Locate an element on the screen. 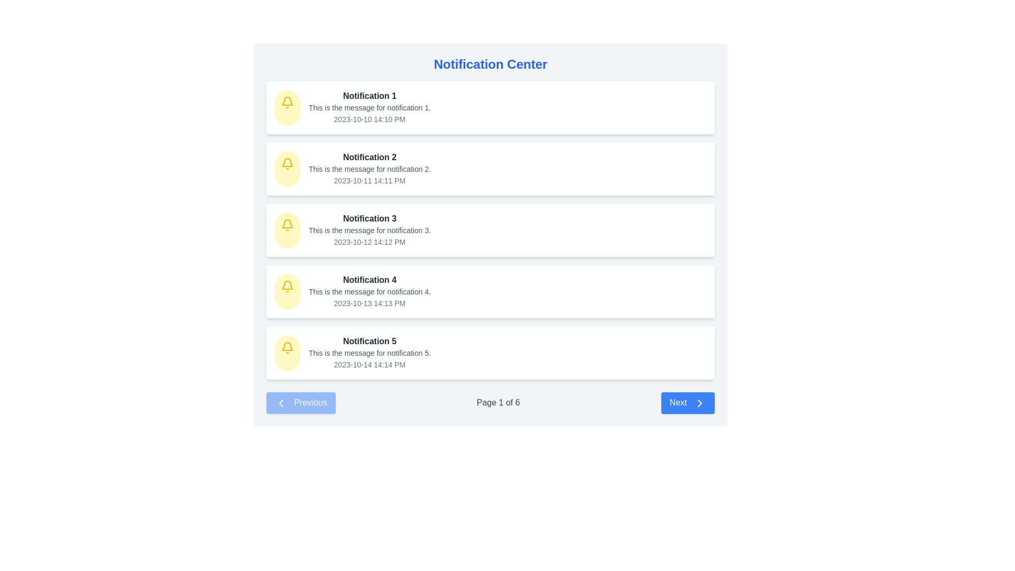  information displayed in the Notification Card located at the top of the Notification Center list is located at coordinates (490, 108).